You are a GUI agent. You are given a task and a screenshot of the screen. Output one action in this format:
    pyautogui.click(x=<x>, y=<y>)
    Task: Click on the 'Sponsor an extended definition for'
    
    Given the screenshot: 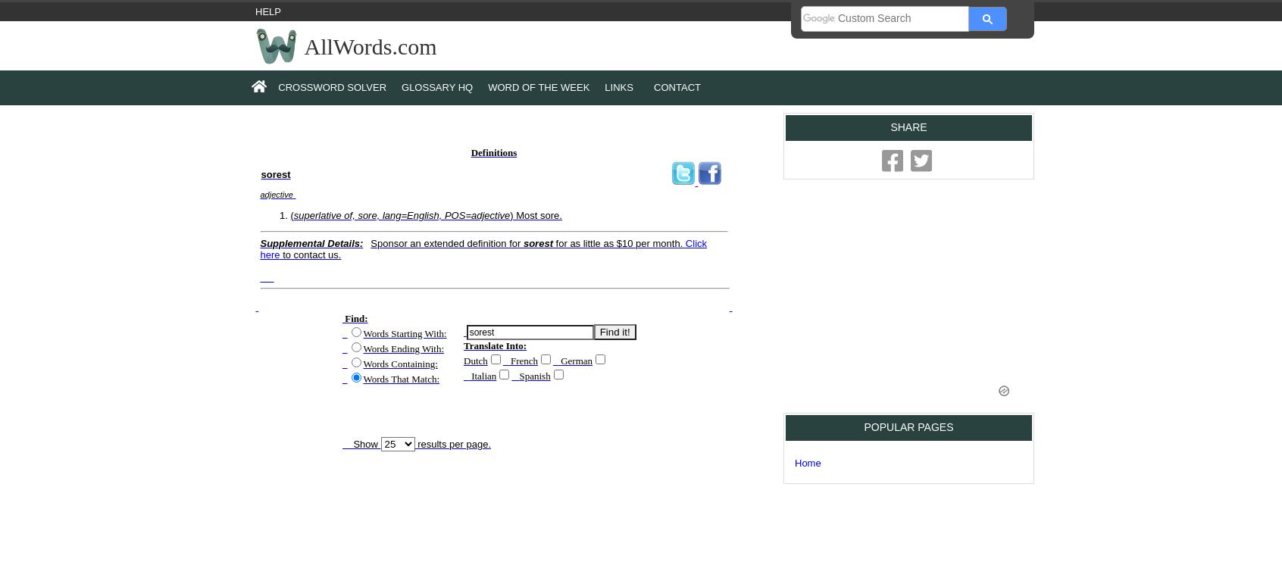 What is the action you would take?
    pyautogui.click(x=369, y=242)
    